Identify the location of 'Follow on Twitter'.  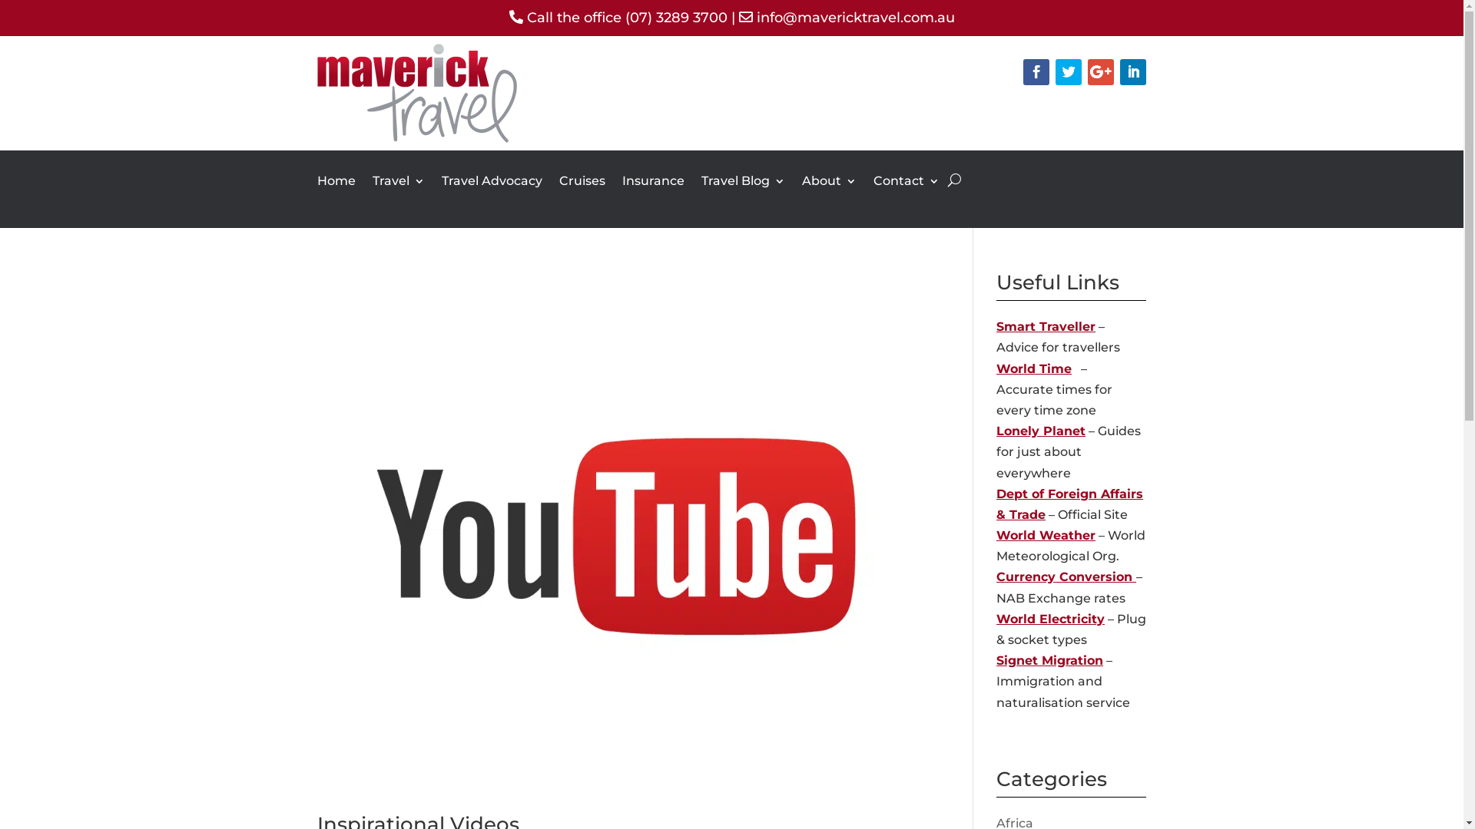
(1068, 71).